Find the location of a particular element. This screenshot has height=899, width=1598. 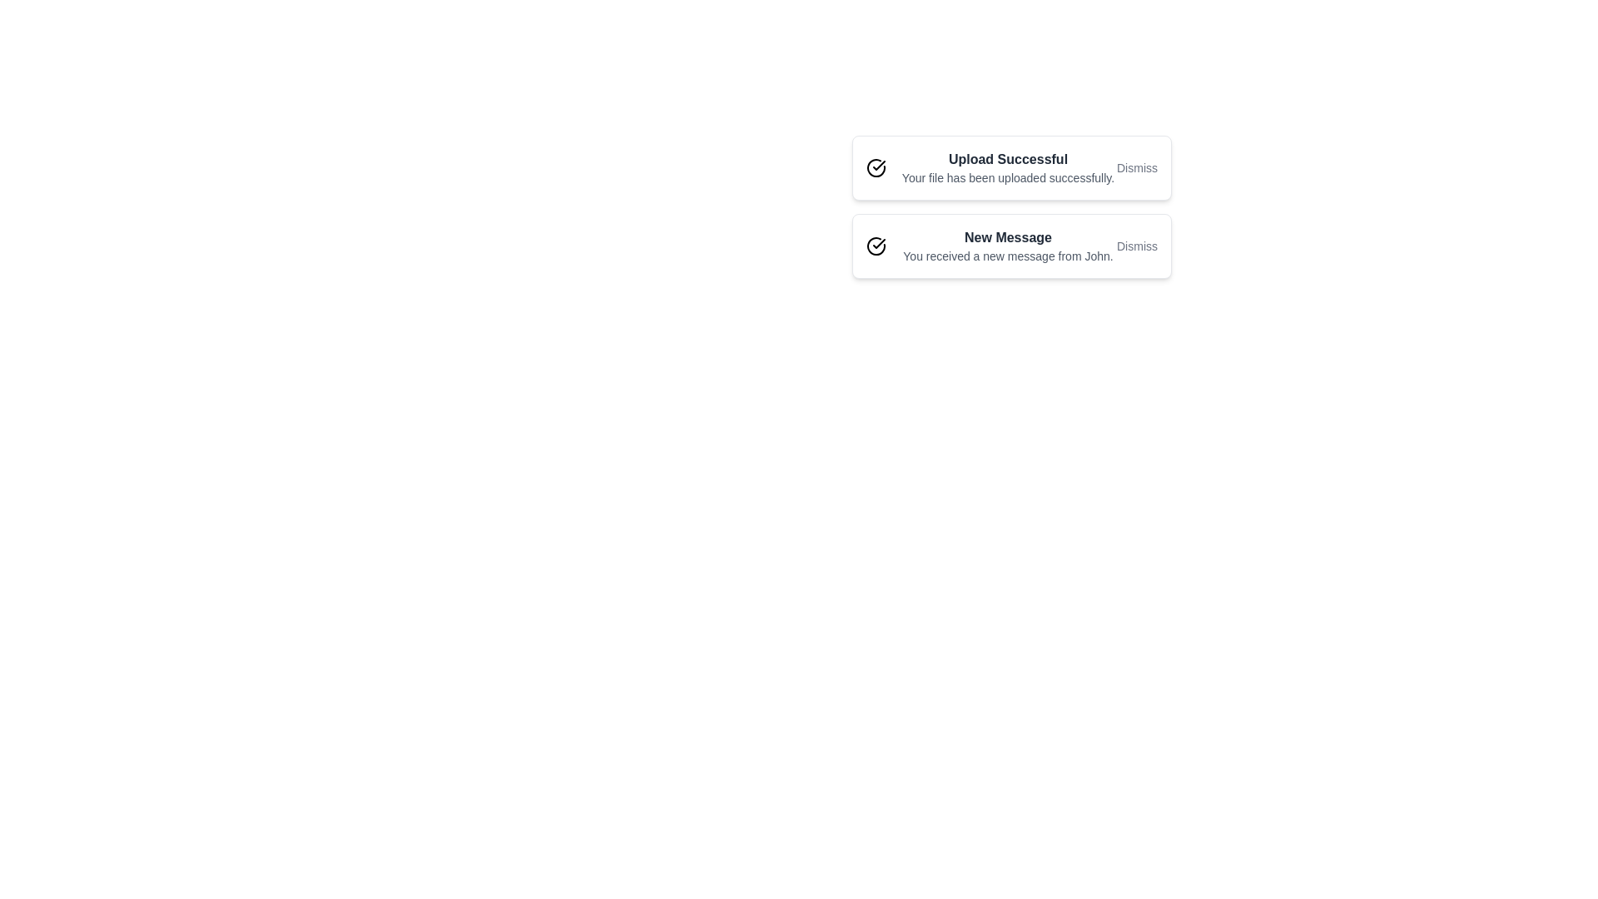

the 'Dismiss' button for the notification with title New Message is located at coordinates (1136, 246).